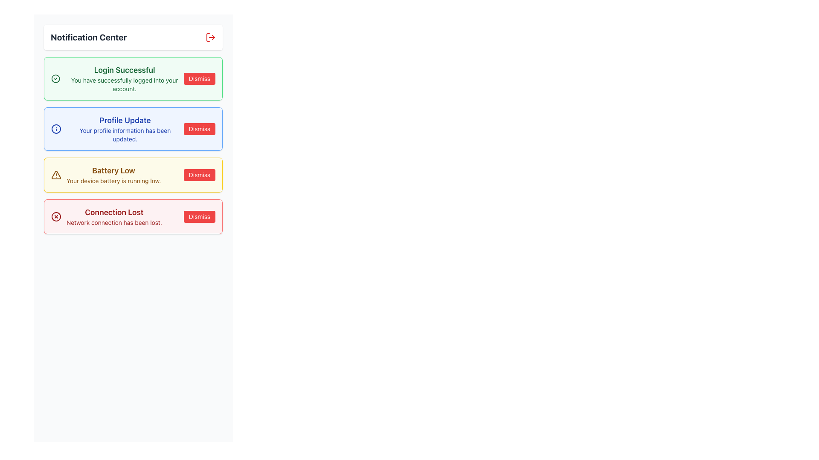 Image resolution: width=819 pixels, height=460 pixels. I want to click on the red 'Dismiss' button with white text to observe the visual changes in its appearance, so click(199, 216).